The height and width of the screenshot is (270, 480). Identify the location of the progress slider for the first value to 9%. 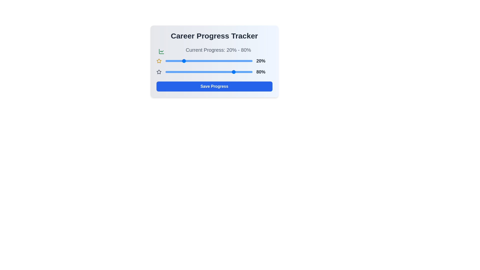
(173, 60).